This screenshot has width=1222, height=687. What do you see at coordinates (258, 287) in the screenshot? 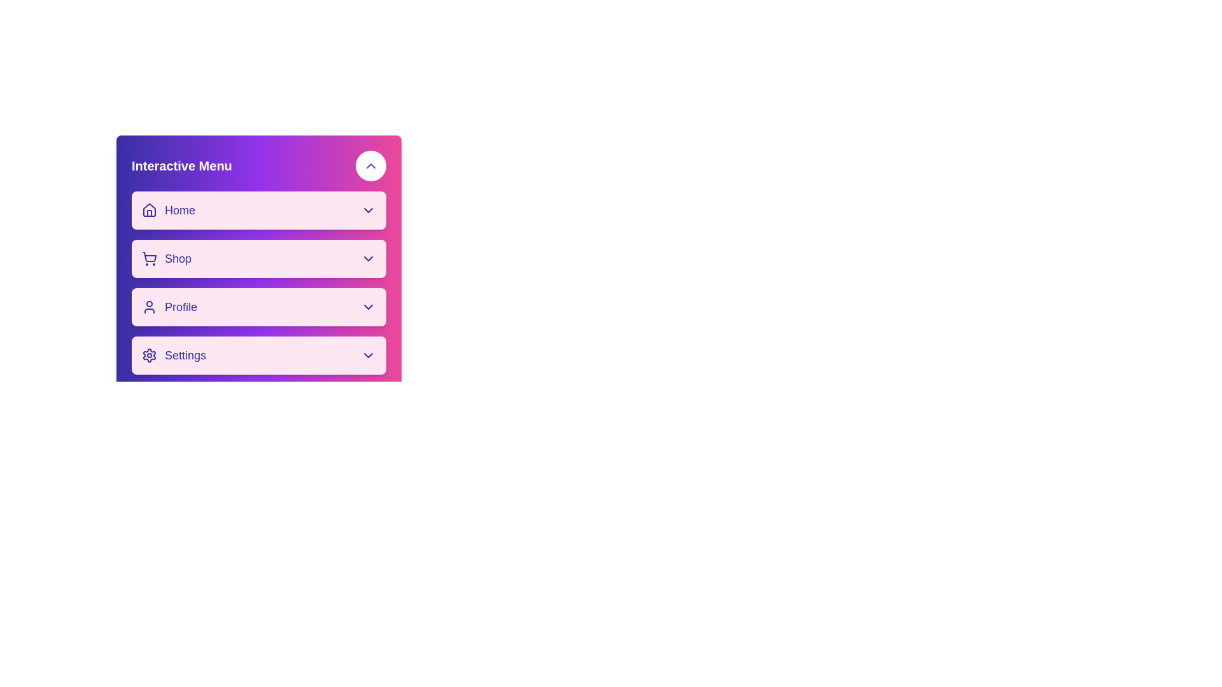
I see `the 'Profile' menu item with a light pink background and indigo-colored text` at bounding box center [258, 287].